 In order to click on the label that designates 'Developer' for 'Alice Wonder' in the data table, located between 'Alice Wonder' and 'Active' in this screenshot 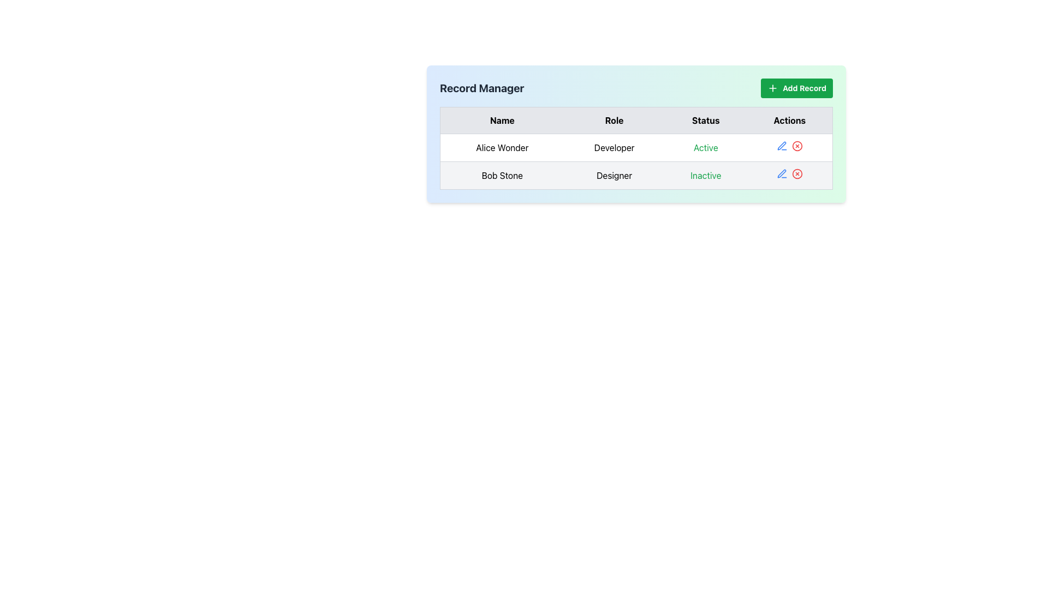, I will do `click(614, 147)`.